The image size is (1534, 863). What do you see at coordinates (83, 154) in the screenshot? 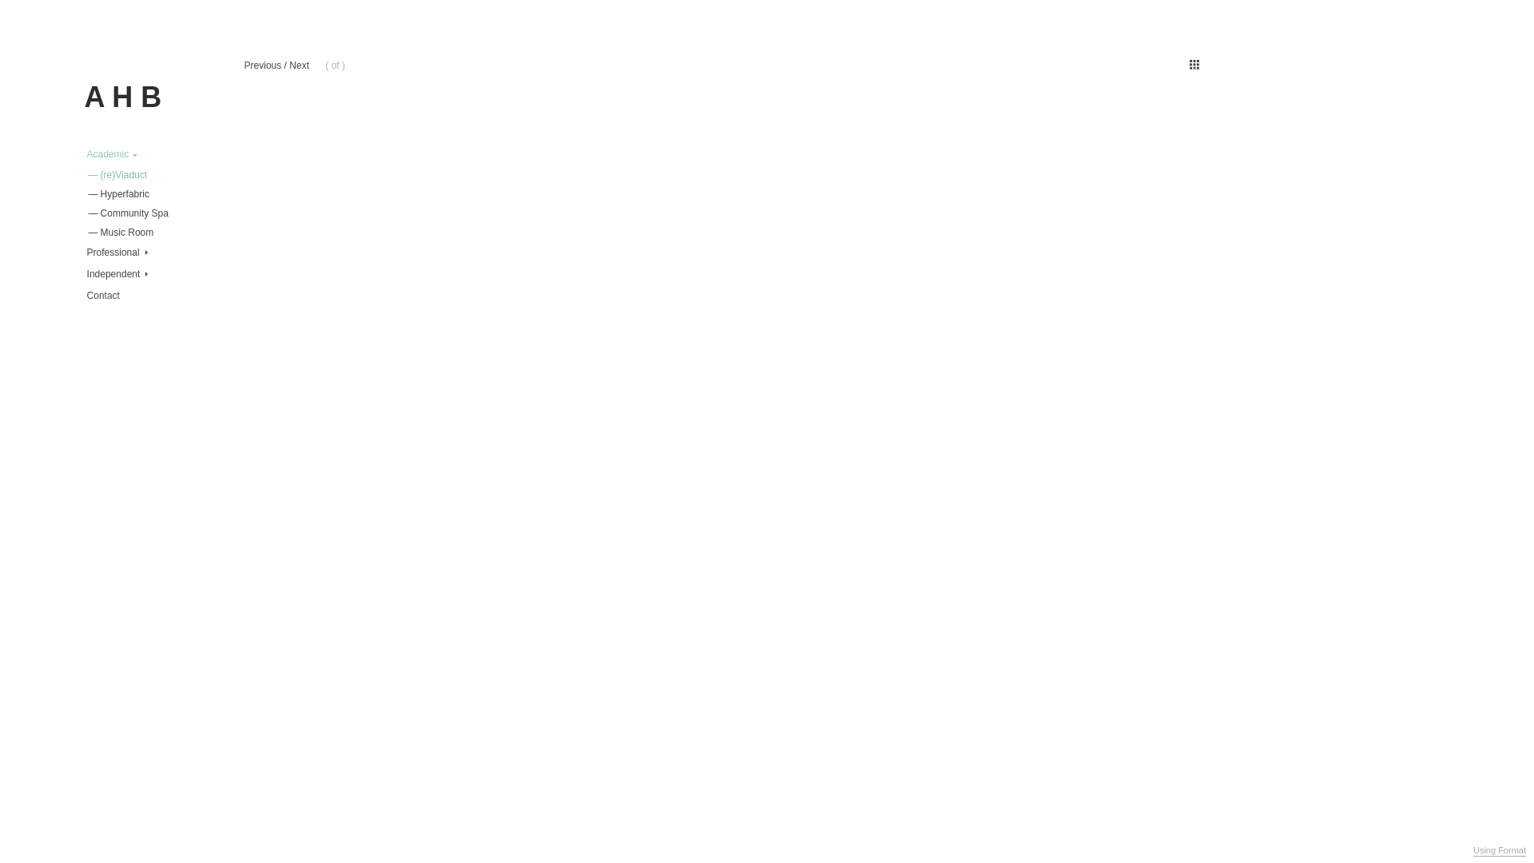
I see `'Academic'` at bounding box center [83, 154].